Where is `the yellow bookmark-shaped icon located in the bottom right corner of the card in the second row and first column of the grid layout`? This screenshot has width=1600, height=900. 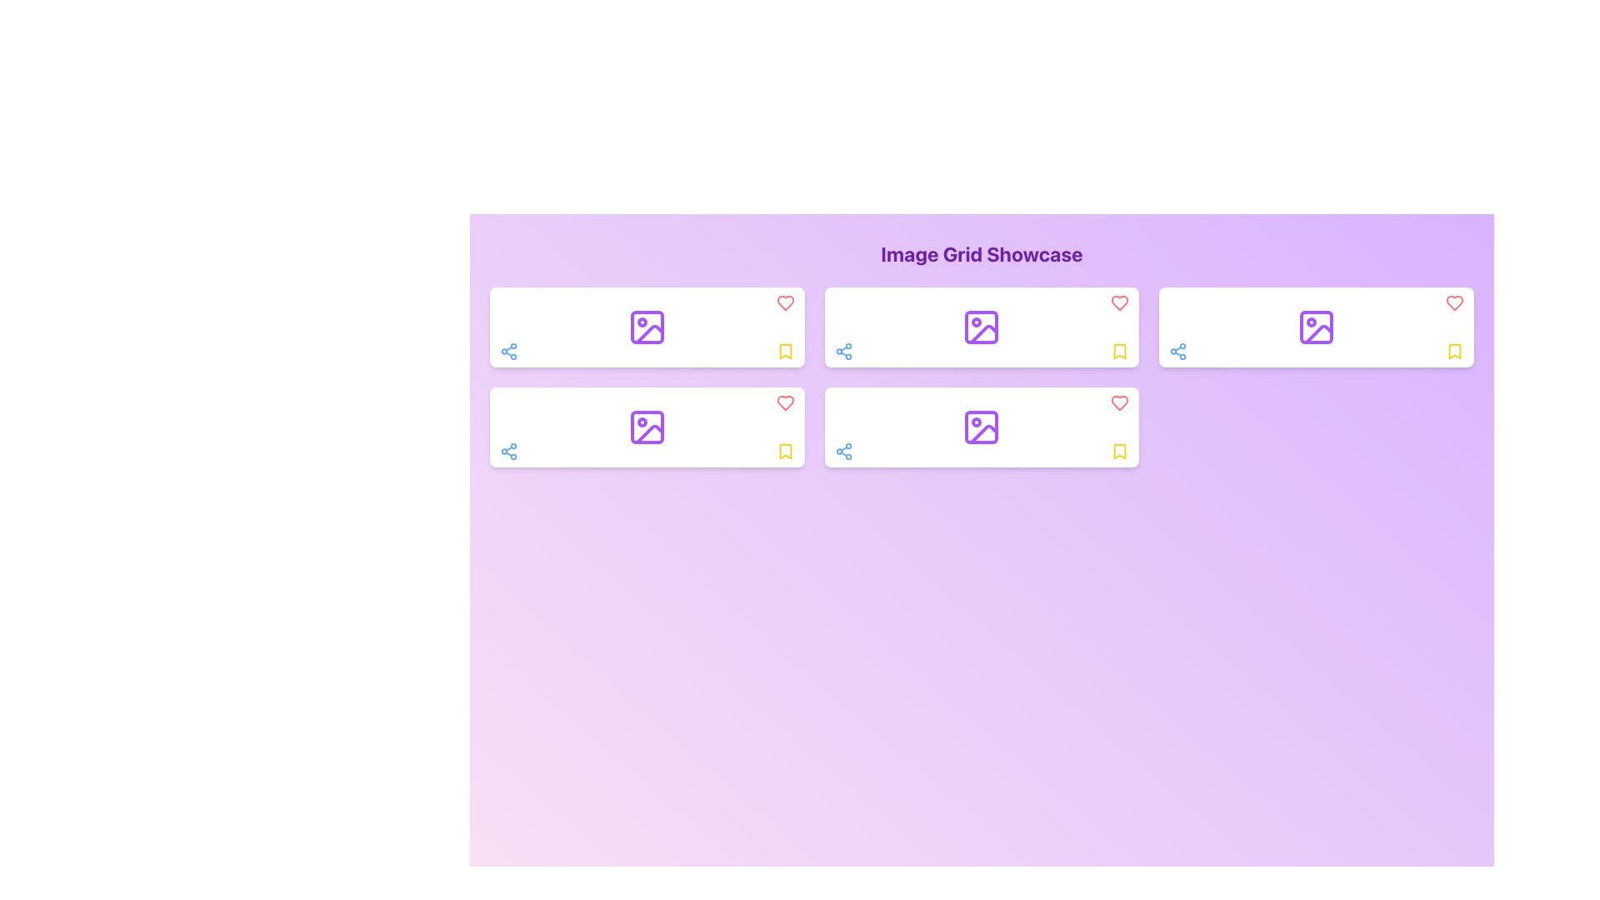 the yellow bookmark-shaped icon located in the bottom right corner of the card in the second row and first column of the grid layout is located at coordinates (784, 350).